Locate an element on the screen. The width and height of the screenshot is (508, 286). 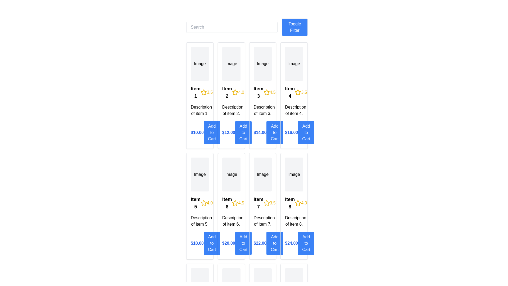
the third star icon in the five-star rating system for 'Item 6' located in the second row and second column, which visually represents a rating of 4.5 is located at coordinates (235, 203).